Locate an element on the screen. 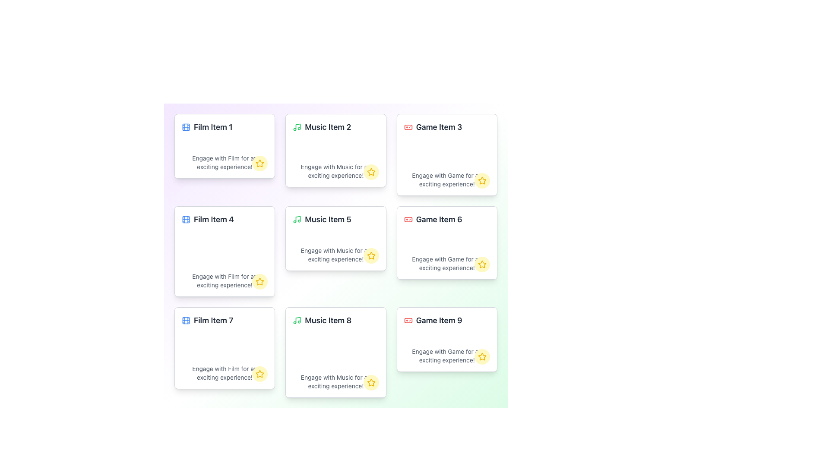  the text label reading 'Engage with Music for an exciting experience!' located at the bottom section of the card titled 'Music Item 5' is located at coordinates (335, 254).